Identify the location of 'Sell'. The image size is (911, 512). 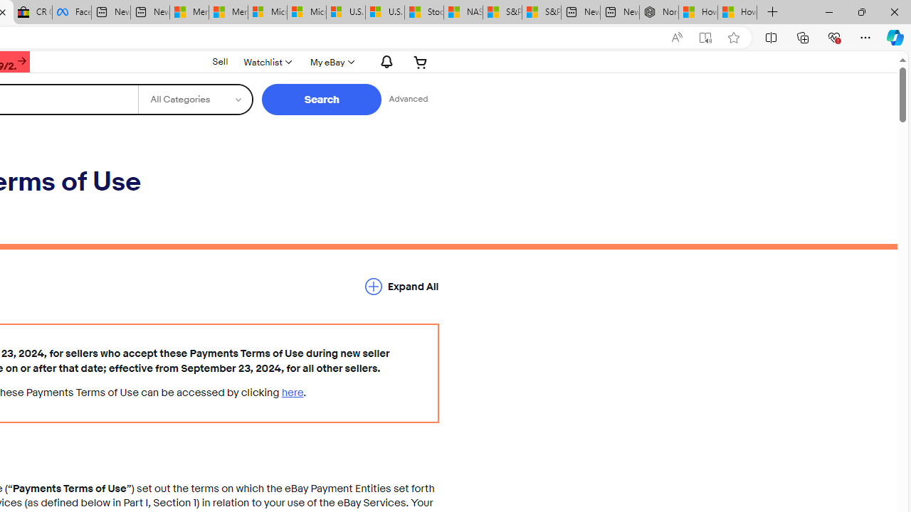
(219, 60).